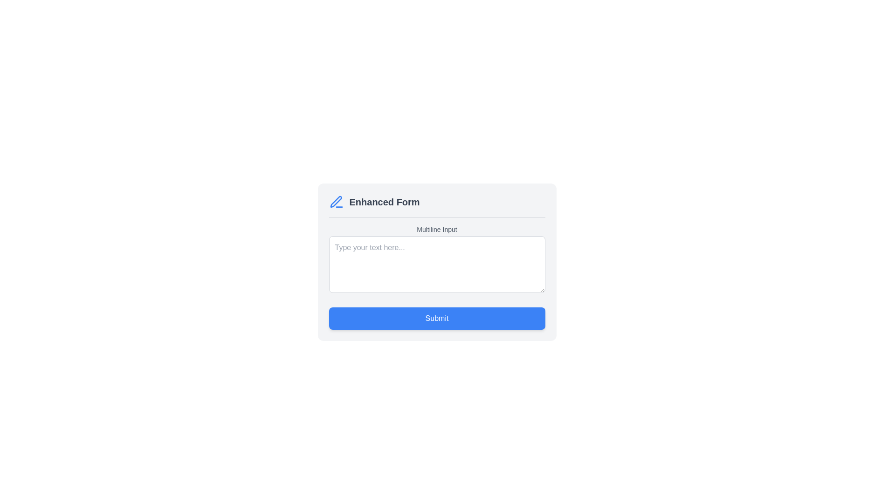 The width and height of the screenshot is (895, 503). I want to click on the stylized pen icon with a thin blue outline located to the left of the 'Enhanced Form' text in the header section, so click(336, 201).